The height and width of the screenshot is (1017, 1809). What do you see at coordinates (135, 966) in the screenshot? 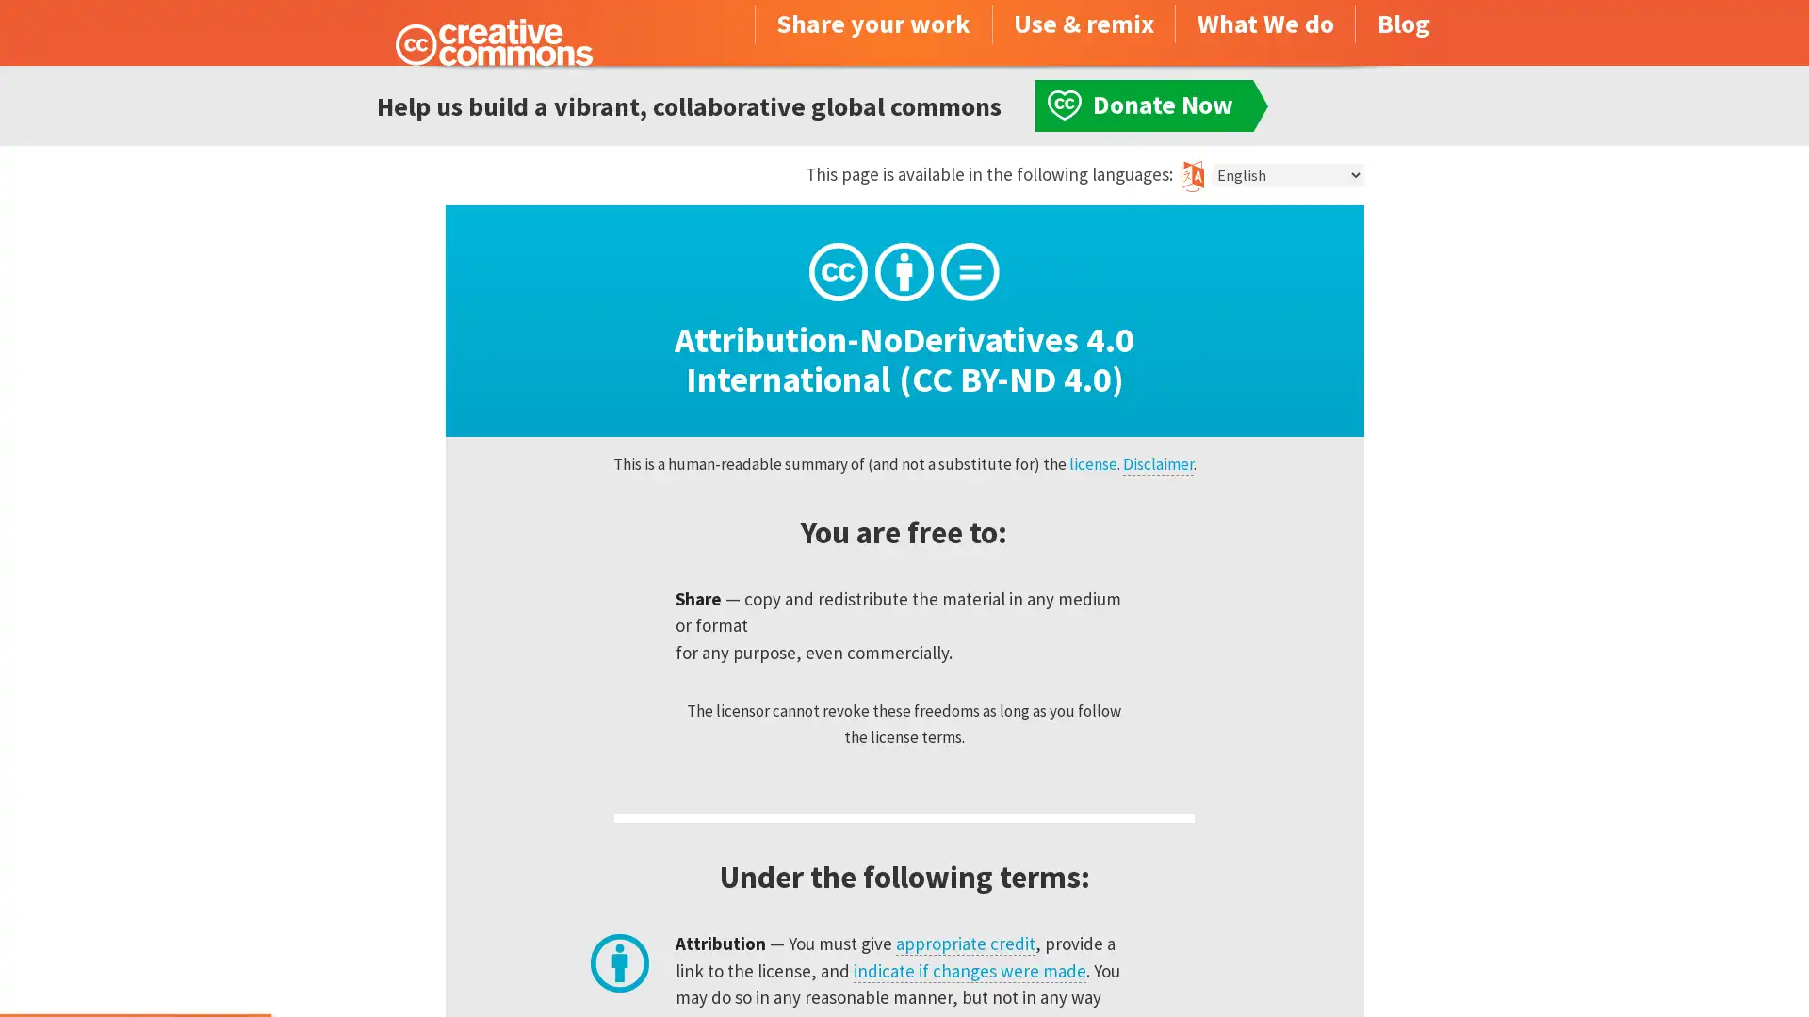
I see `Donate Now` at bounding box center [135, 966].